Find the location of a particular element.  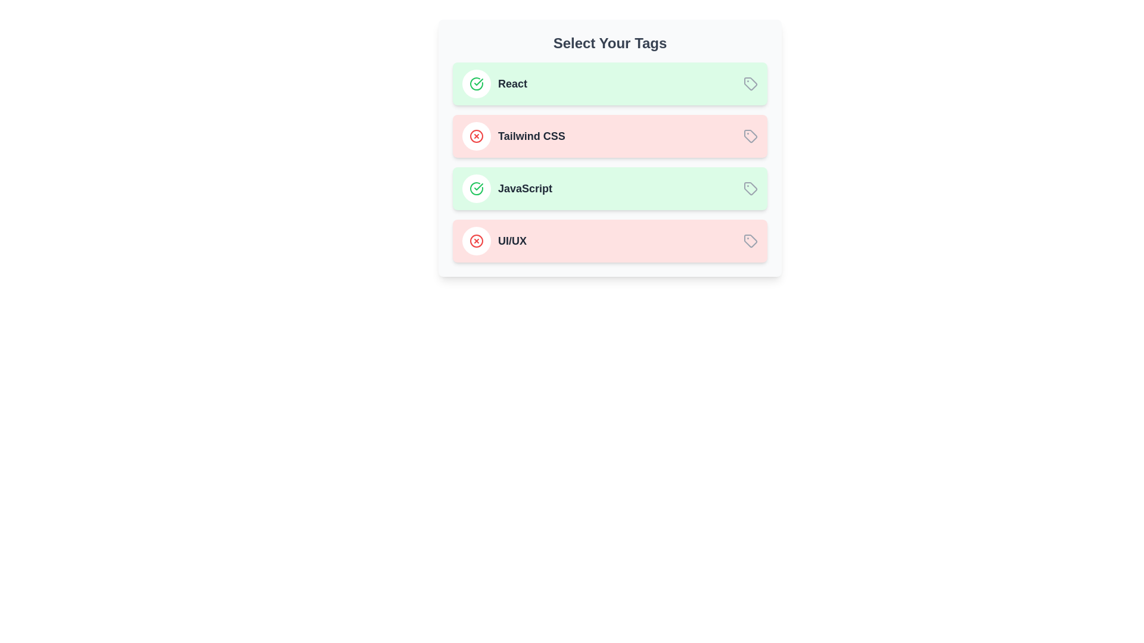

the decorative SVG Circle that is part of the unselected X icon next to the 'Tailwind CSS' option in the second row of the tag list is located at coordinates (477, 135).